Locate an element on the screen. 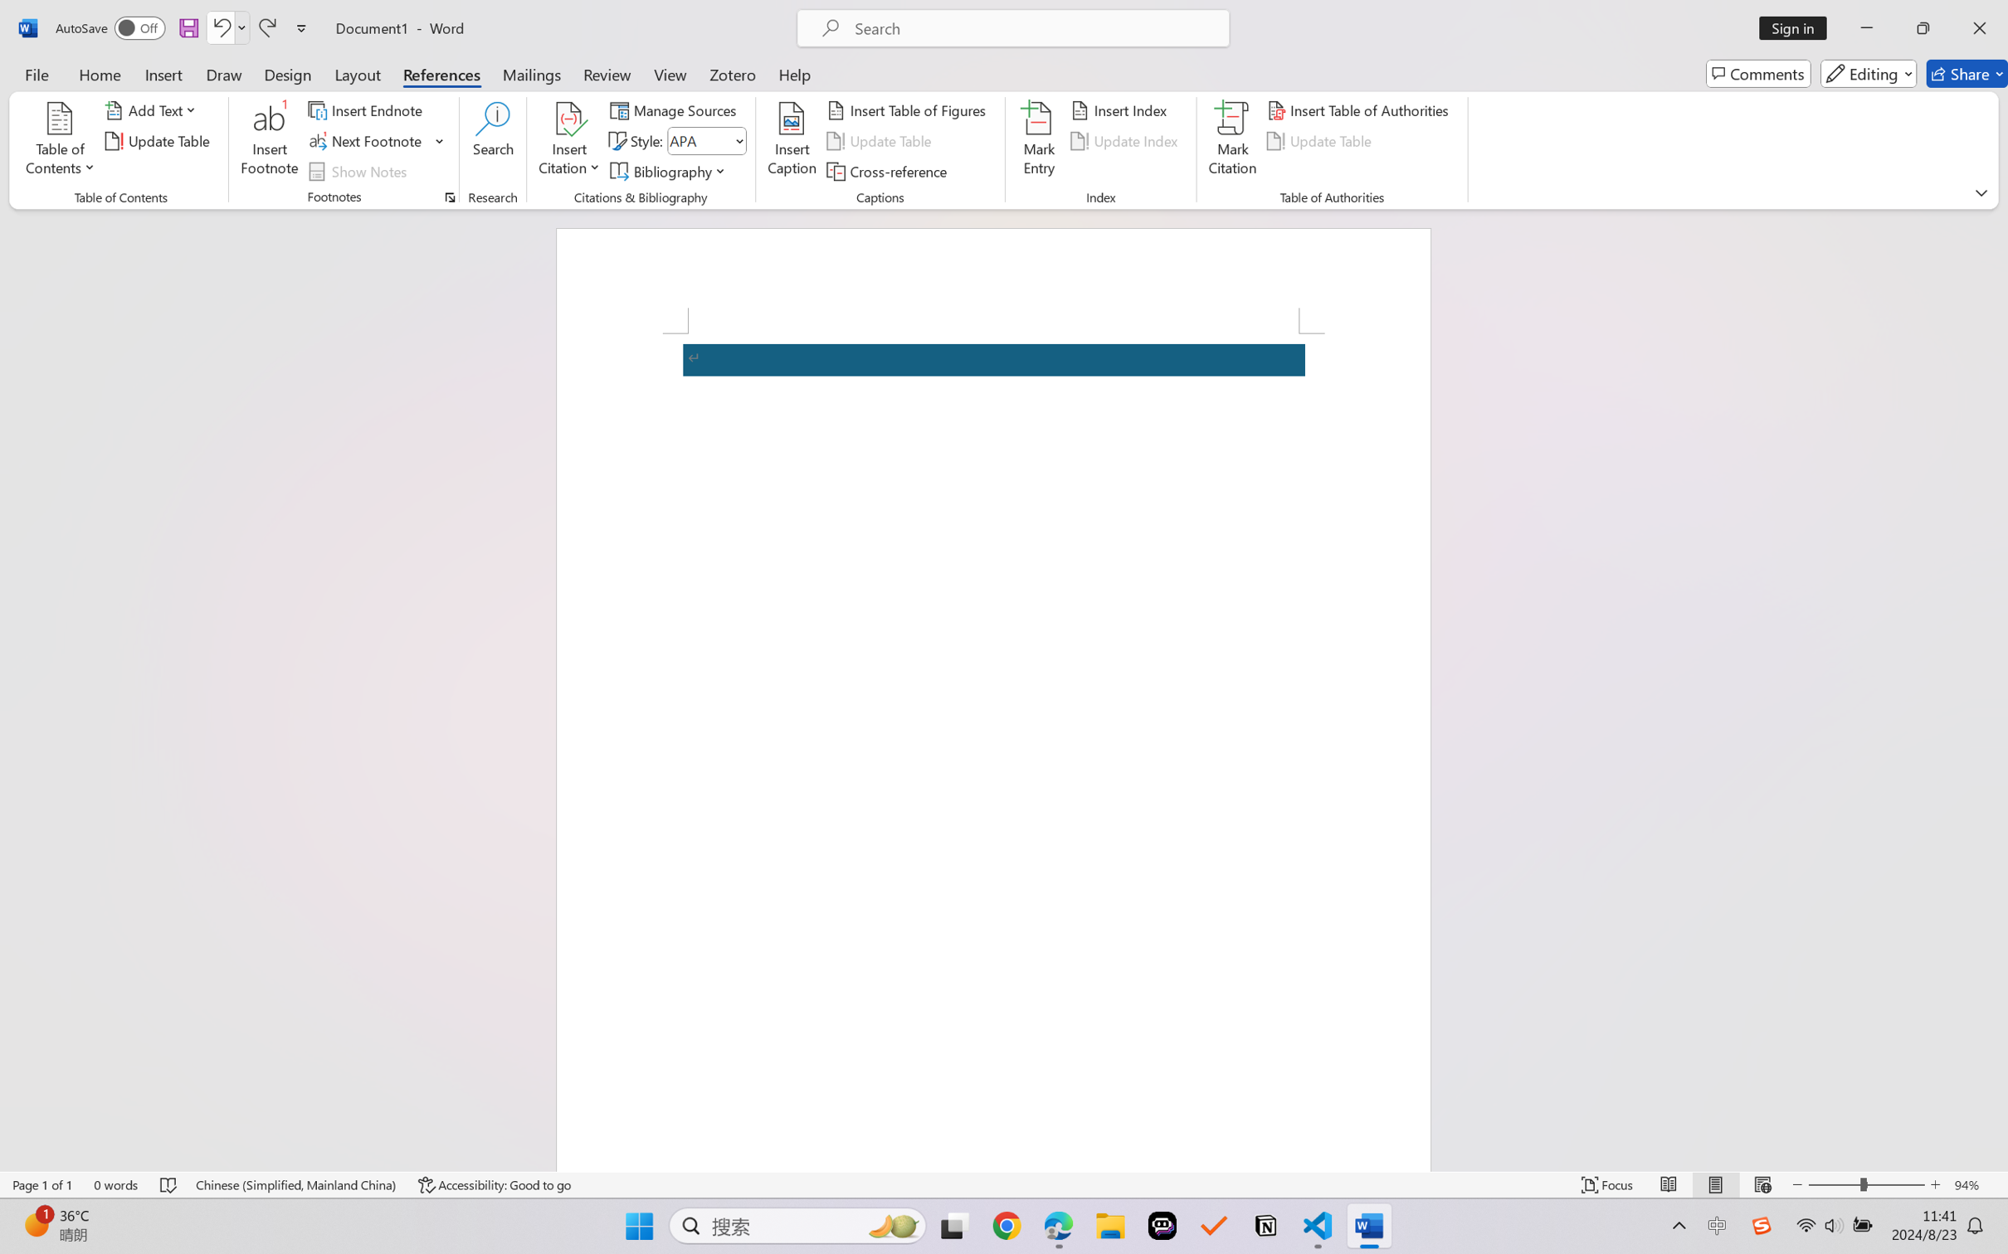 The height and width of the screenshot is (1254, 2008). 'Insert Table of Figures...' is located at coordinates (909, 109).